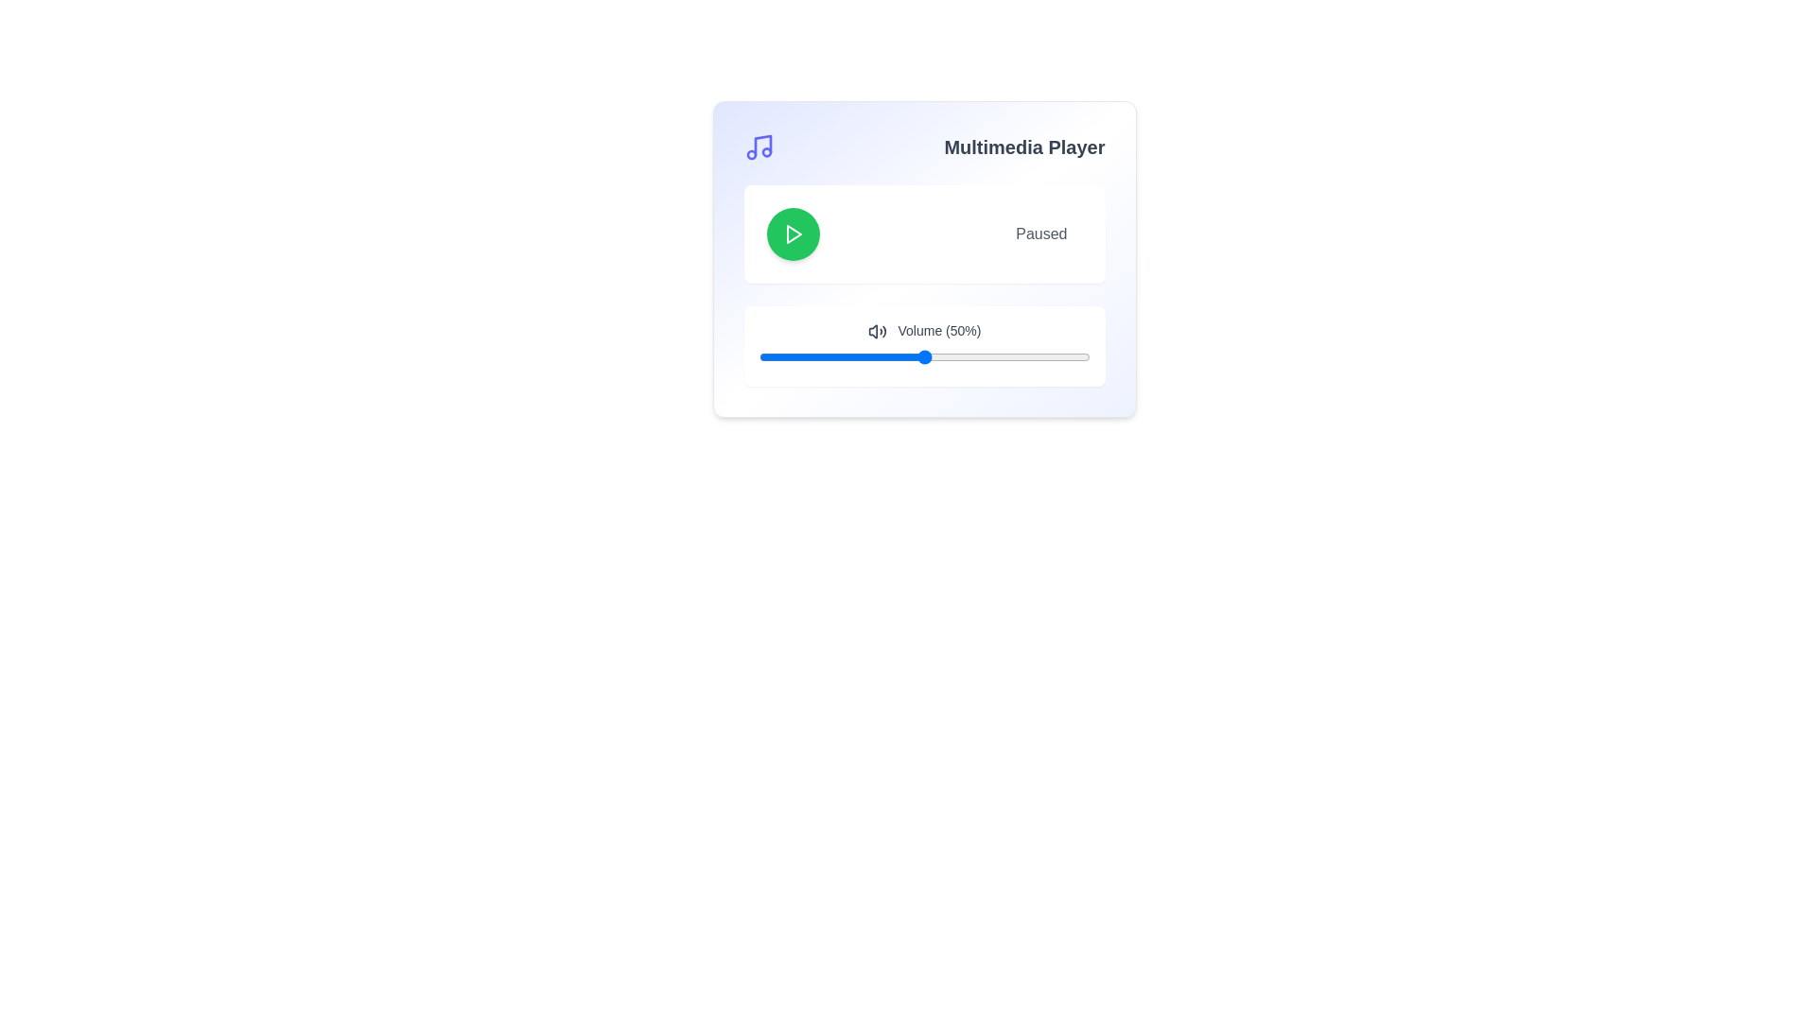 This screenshot has width=1816, height=1021. I want to click on the volume slider, so click(844, 357).